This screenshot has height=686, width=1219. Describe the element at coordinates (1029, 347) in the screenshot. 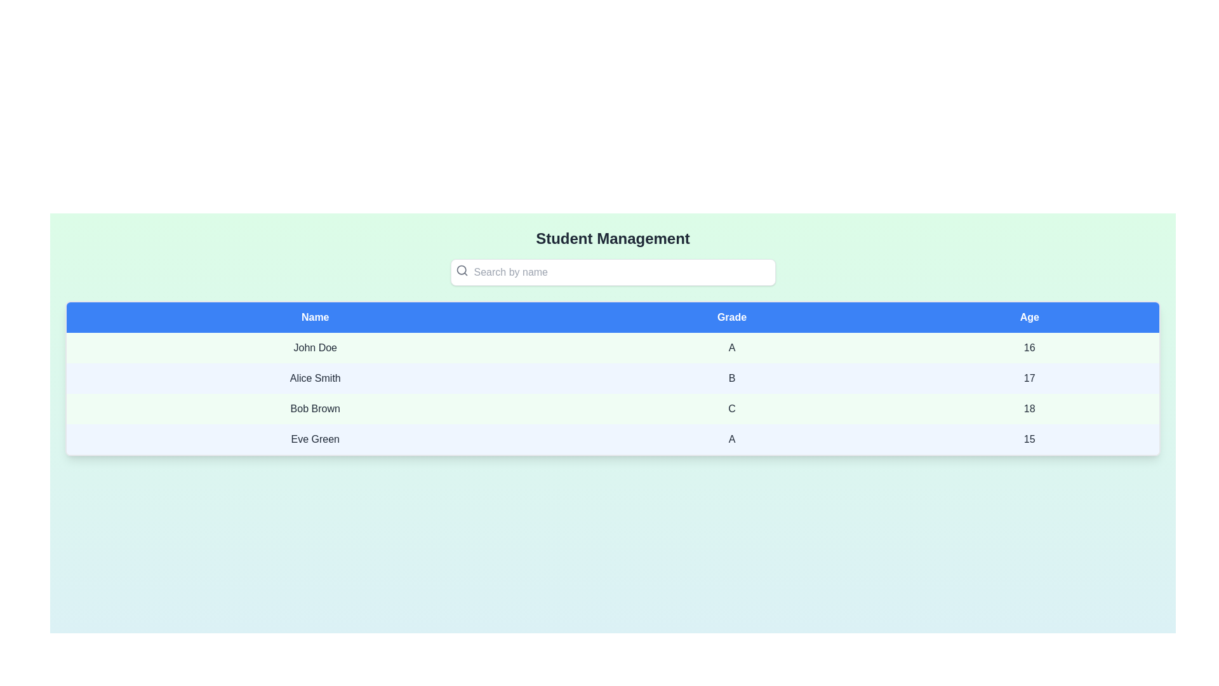

I see `the table cell content displaying the age of the individual` at that location.